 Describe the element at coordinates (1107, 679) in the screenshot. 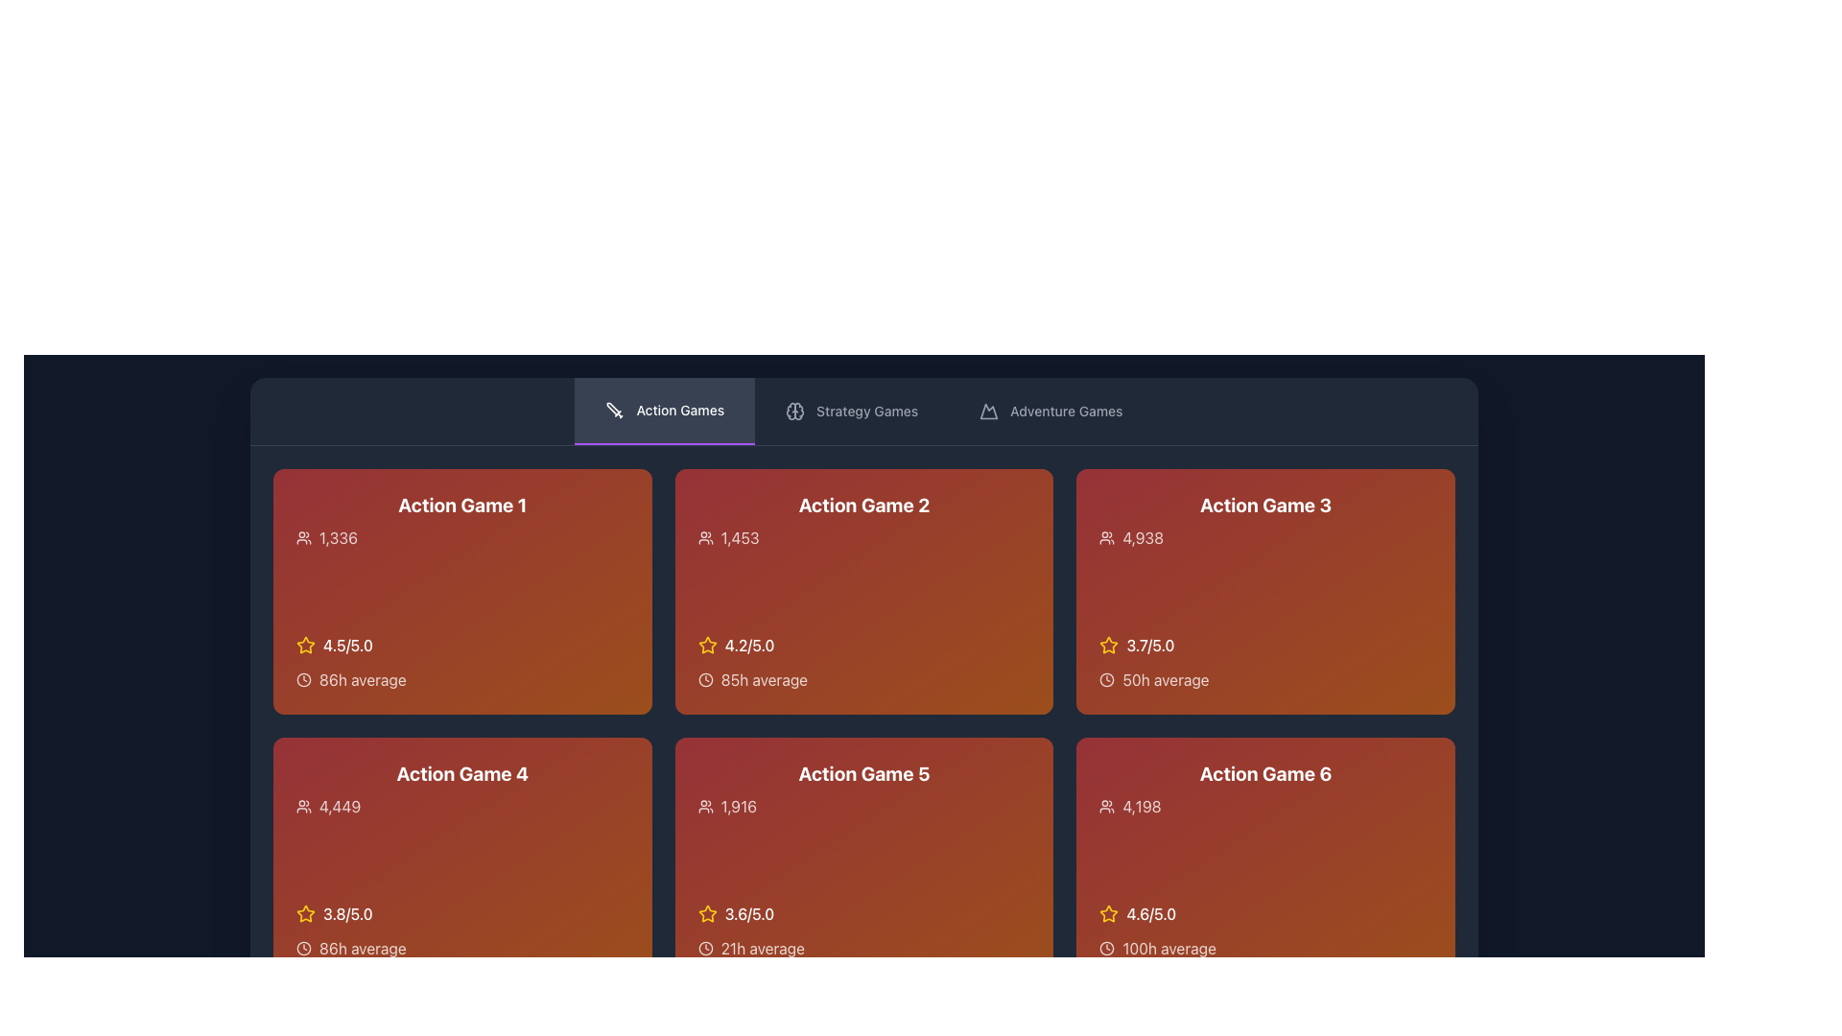

I see `the circular graphic element within the SVG clock icon located in the third card of the grid layout under 'Action Game 3'` at that location.